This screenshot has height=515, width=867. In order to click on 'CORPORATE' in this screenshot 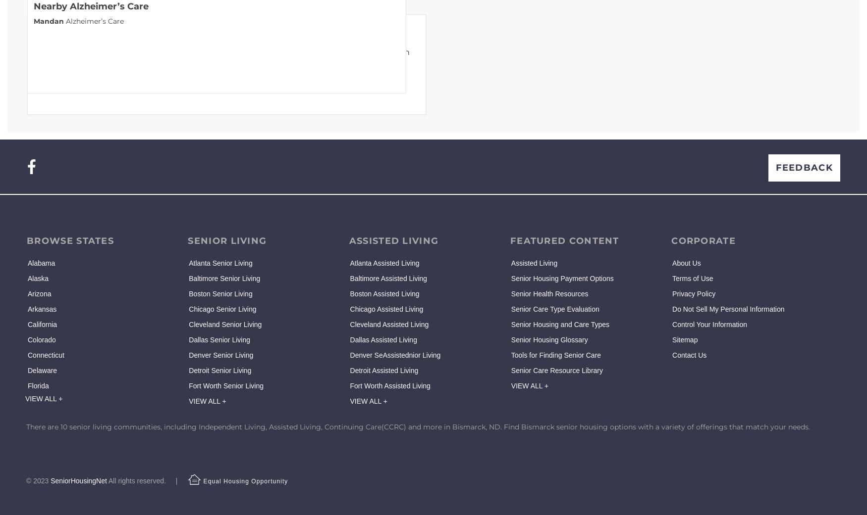, I will do `click(703, 240)`.